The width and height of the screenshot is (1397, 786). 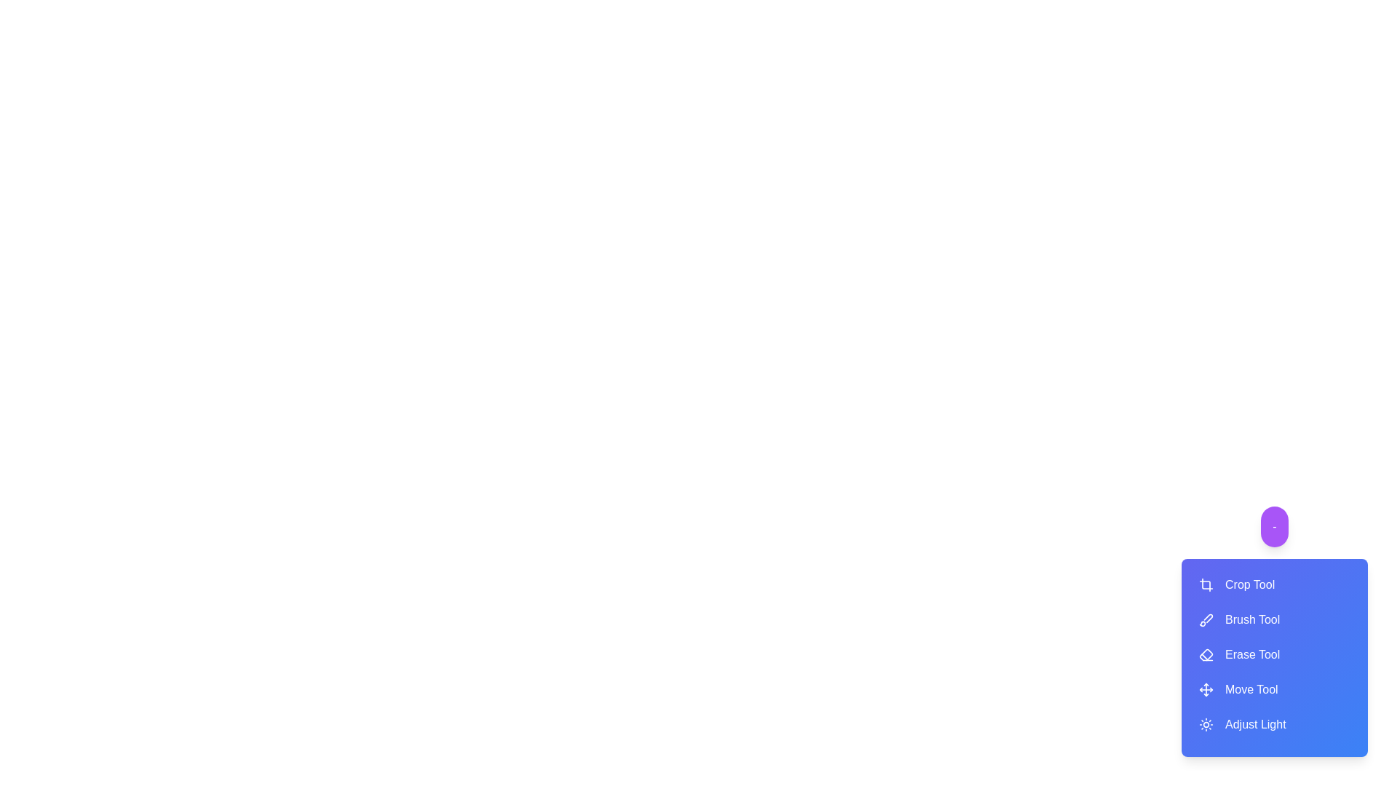 What do you see at coordinates (1206, 584) in the screenshot?
I see `the 'Crop Tool' icon, which is the first menu item` at bounding box center [1206, 584].